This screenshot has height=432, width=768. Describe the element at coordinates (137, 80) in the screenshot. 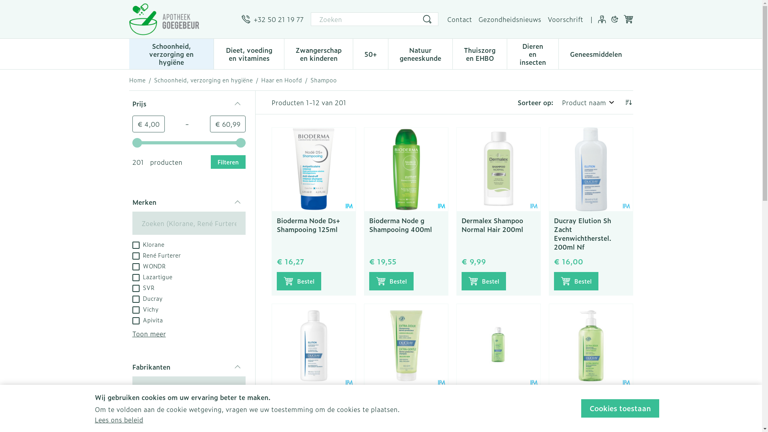

I see `'Home'` at that location.